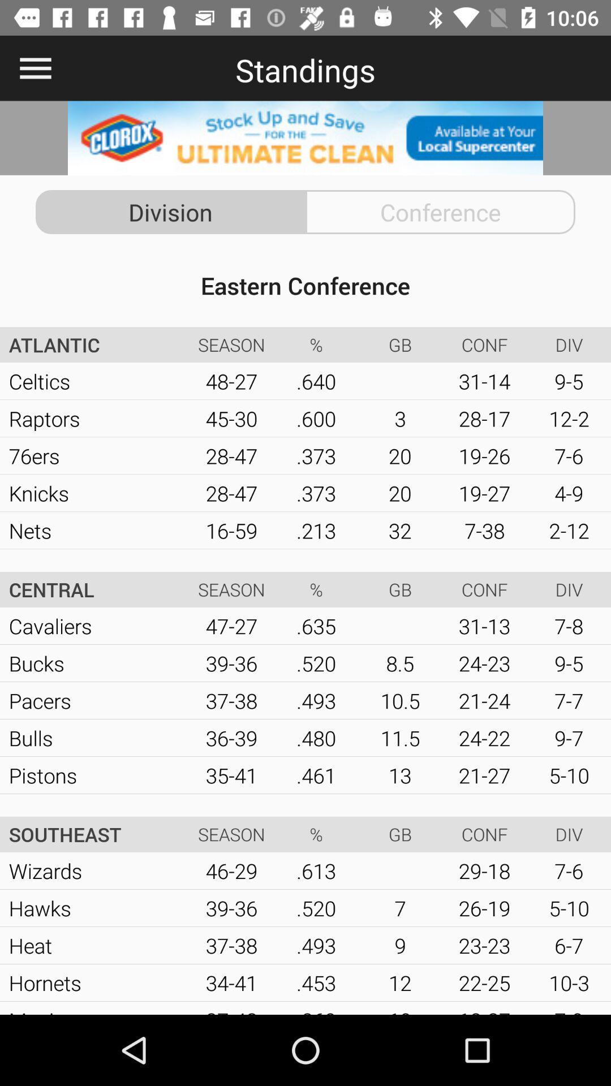 The height and width of the screenshot is (1086, 611). What do you see at coordinates (305, 137) in the screenshot?
I see `advertisement link` at bounding box center [305, 137].